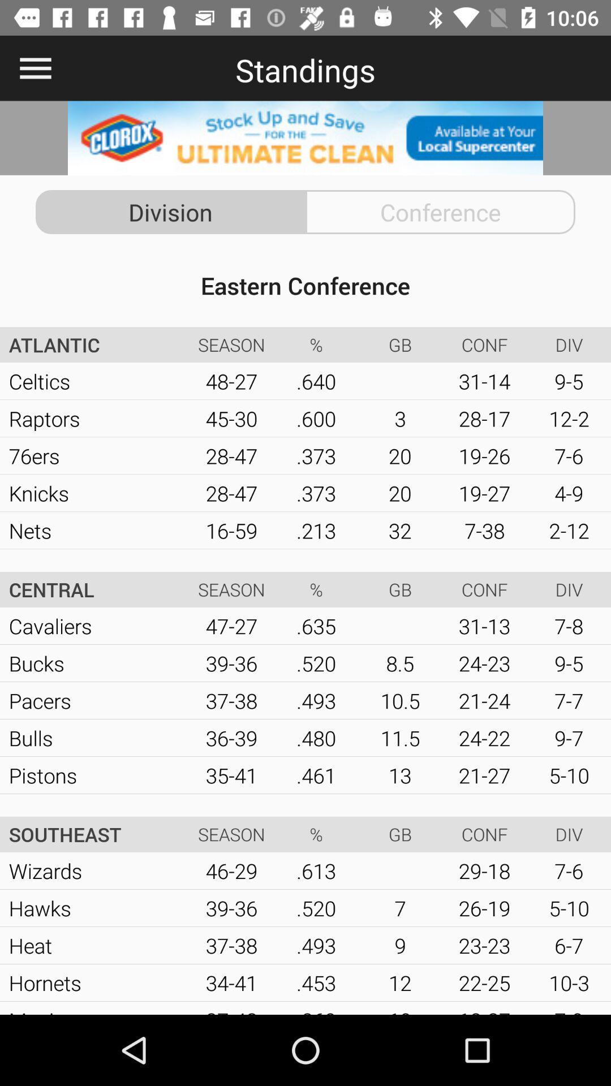 The height and width of the screenshot is (1086, 611). What do you see at coordinates (305, 137) in the screenshot?
I see `advertisement link` at bounding box center [305, 137].